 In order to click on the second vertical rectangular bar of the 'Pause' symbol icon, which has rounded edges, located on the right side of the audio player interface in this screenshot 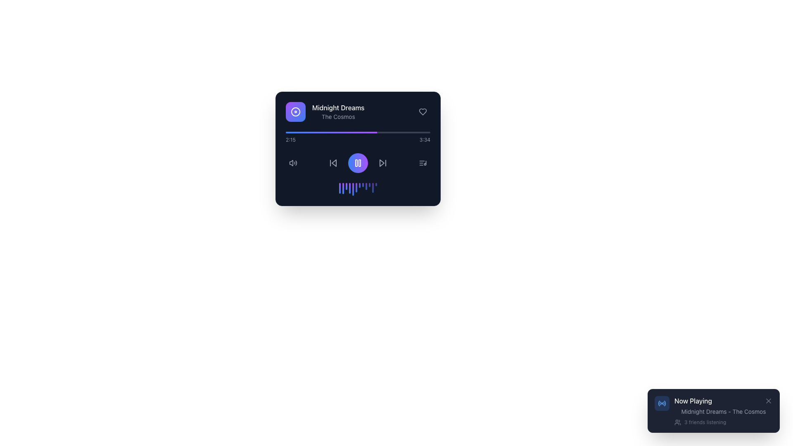, I will do `click(359, 163)`.